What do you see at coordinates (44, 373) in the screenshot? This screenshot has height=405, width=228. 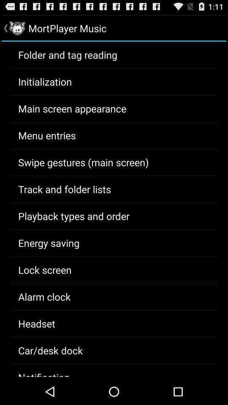 I see `item below the car/desk dock icon` at bounding box center [44, 373].